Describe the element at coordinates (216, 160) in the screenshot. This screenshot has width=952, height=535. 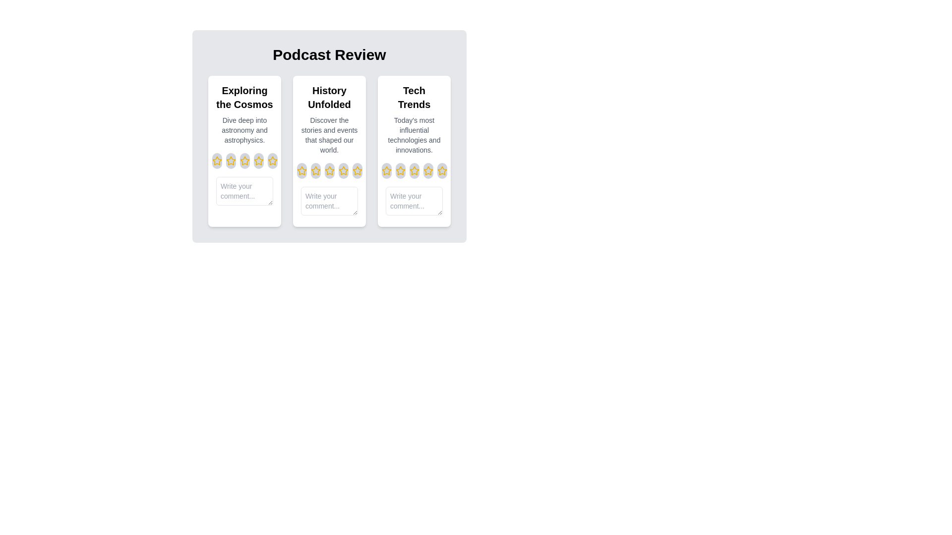
I see `the rating for an episode to 1 stars by clicking on the corresponding star` at that location.